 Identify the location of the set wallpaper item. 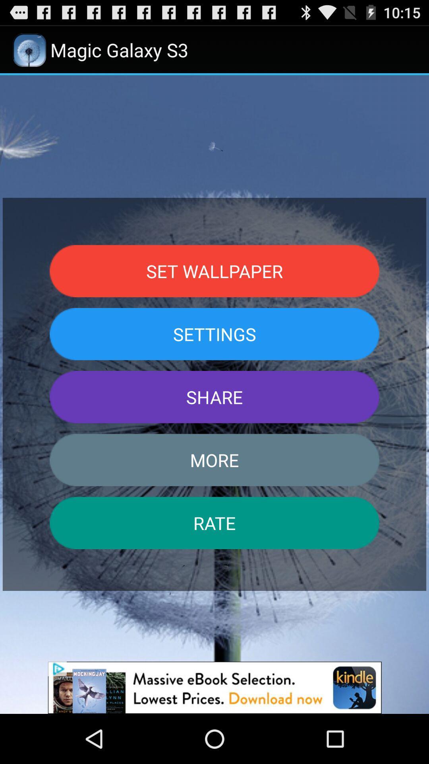
(214, 271).